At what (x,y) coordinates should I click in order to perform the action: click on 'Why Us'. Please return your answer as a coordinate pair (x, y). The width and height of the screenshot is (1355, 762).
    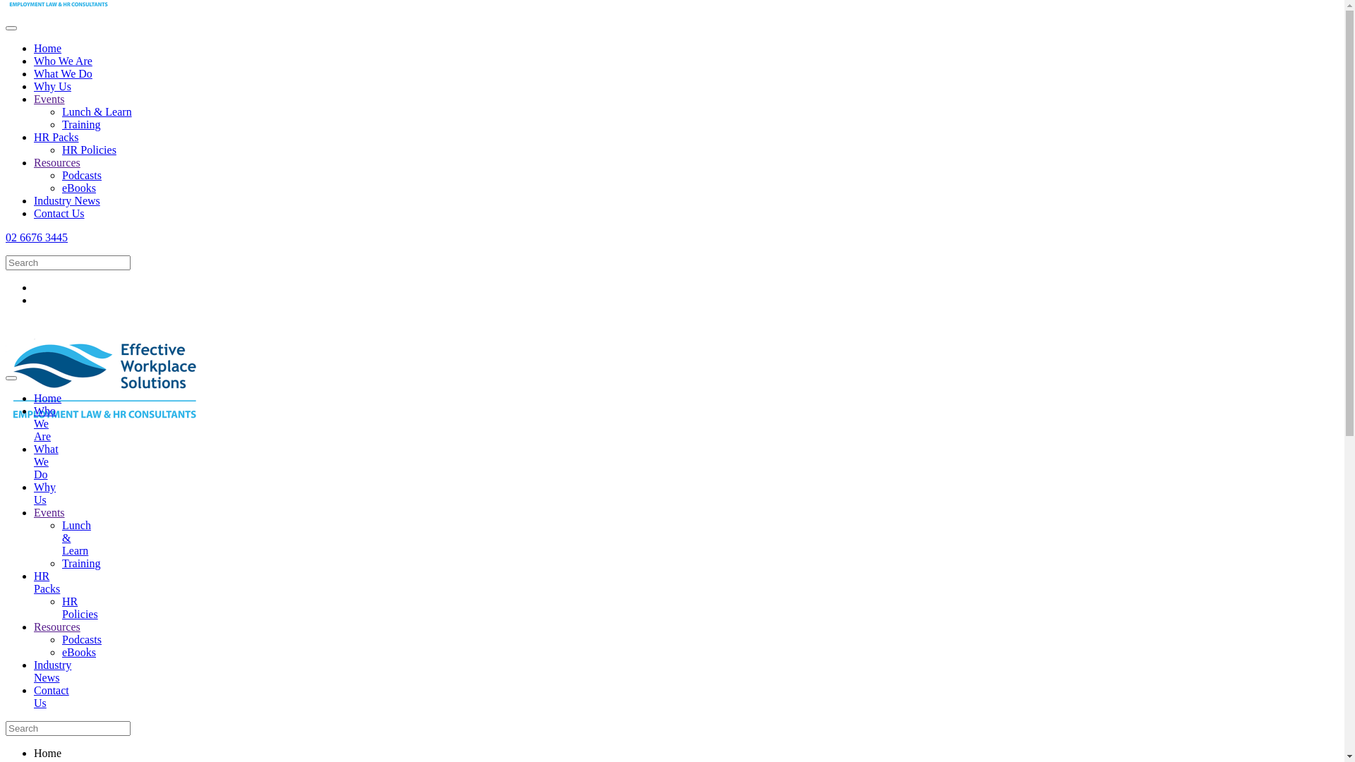
    Looking at the image, I should click on (44, 492).